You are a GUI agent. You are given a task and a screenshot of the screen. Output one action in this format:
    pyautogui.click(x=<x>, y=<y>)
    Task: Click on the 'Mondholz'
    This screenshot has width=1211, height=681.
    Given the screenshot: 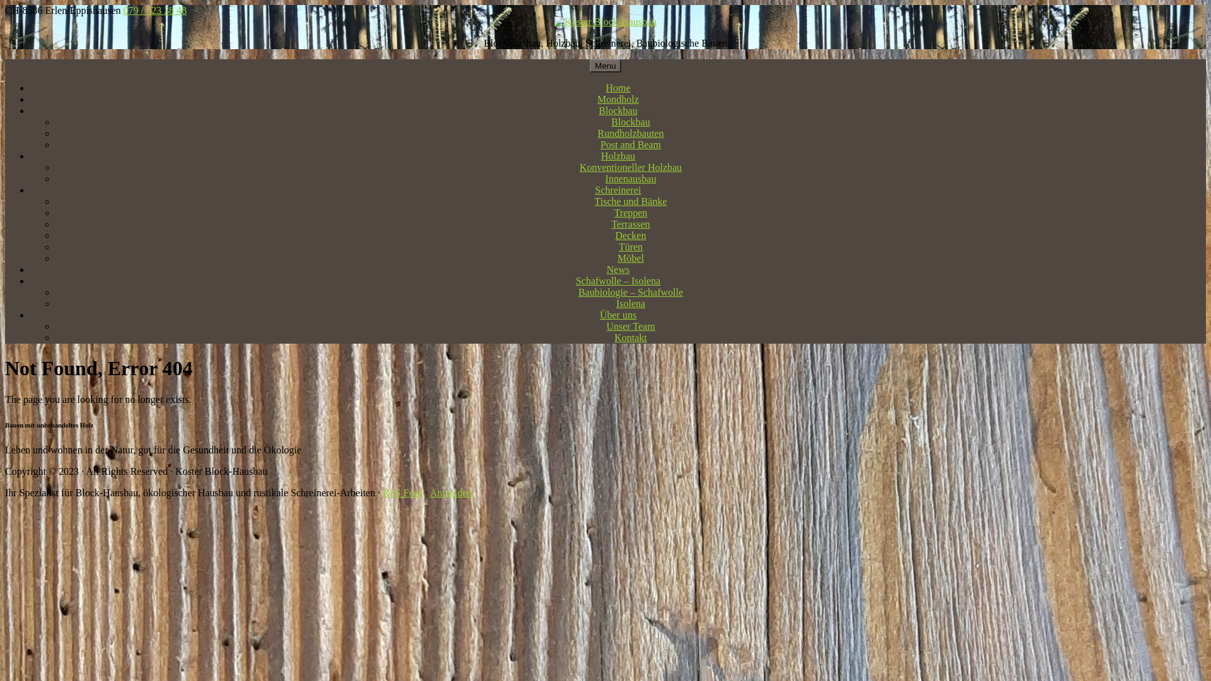 What is the action you would take?
    pyautogui.click(x=617, y=98)
    